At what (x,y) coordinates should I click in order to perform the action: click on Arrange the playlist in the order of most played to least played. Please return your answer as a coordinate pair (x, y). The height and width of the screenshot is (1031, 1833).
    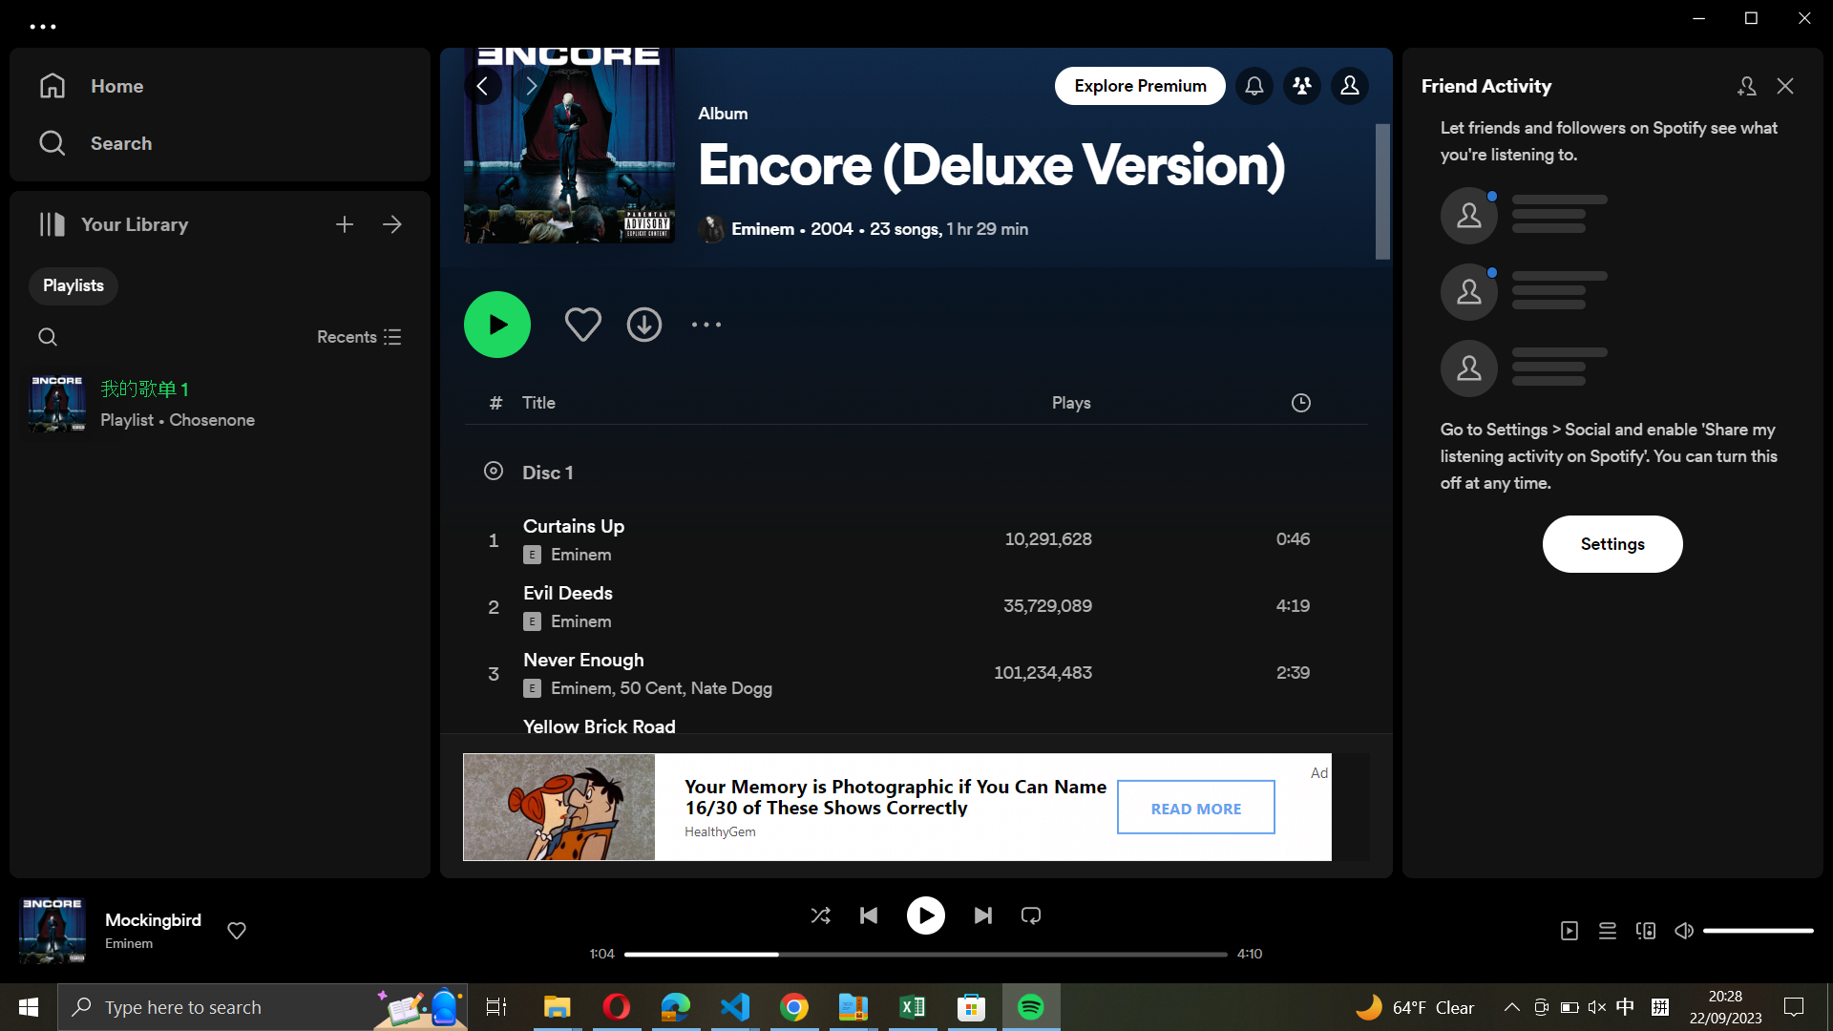
    Looking at the image, I should click on (1144, 405).